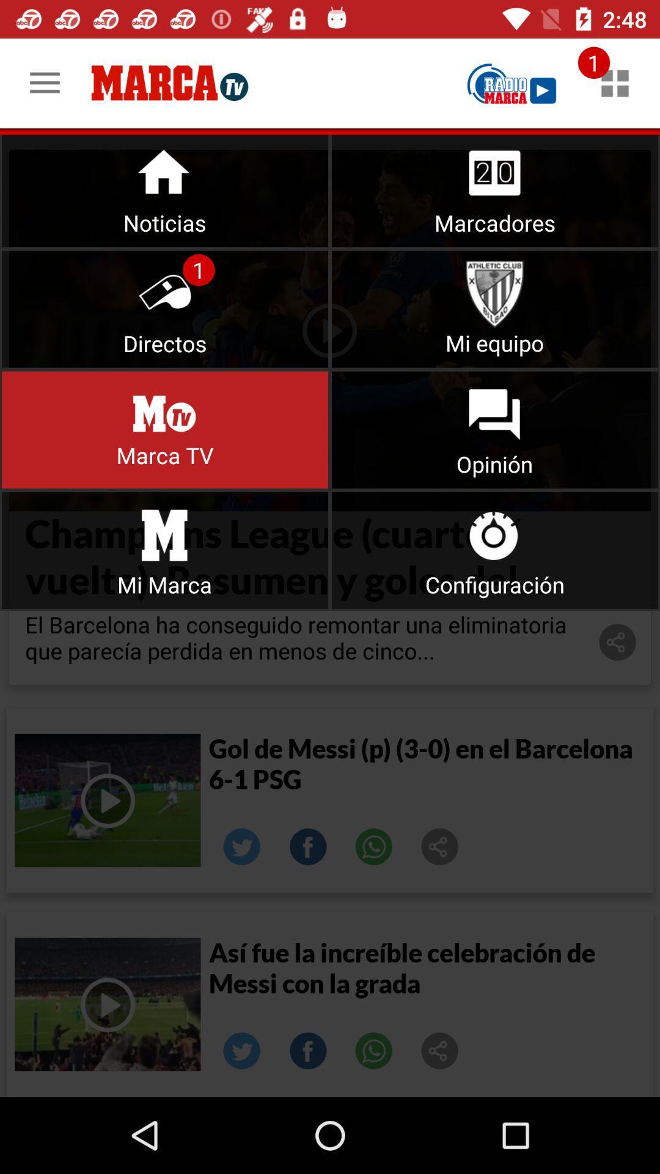  What do you see at coordinates (165, 550) in the screenshot?
I see `the icon above el barcelona ha` at bounding box center [165, 550].